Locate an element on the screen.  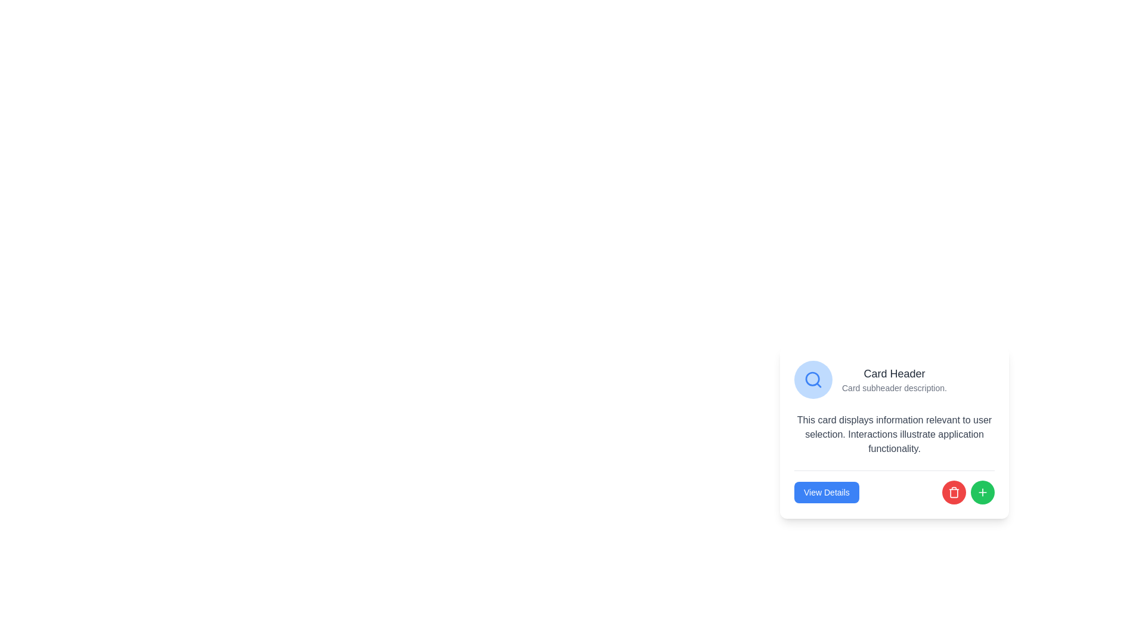
the button located in the bottom-right corner of the card, which is associated with a plus icon to create a new entity or item is located at coordinates (982, 492).